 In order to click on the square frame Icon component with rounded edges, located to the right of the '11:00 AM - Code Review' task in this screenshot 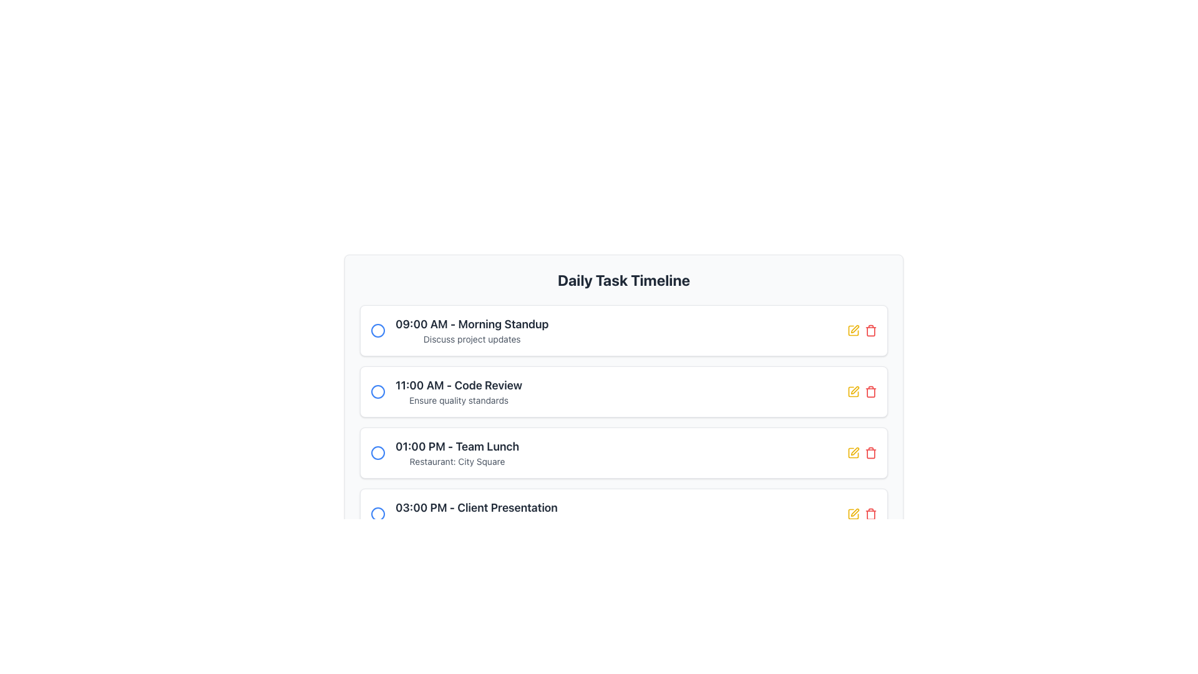, I will do `click(853, 514)`.